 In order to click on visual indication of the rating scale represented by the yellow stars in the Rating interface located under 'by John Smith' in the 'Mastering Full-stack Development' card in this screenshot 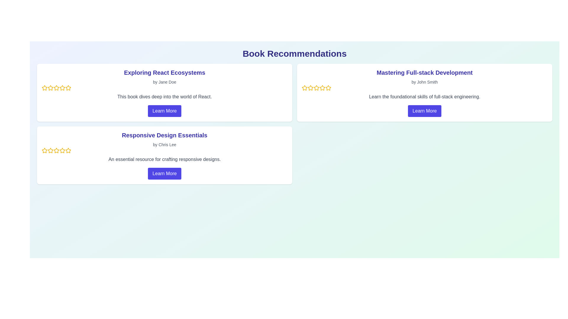, I will do `click(424, 88)`.